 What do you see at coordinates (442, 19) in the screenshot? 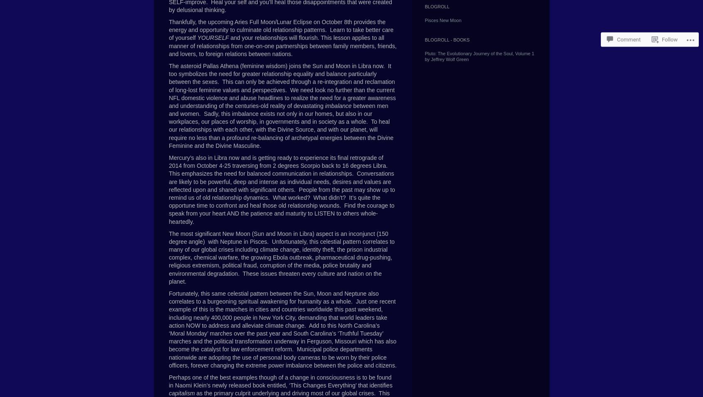
I see `'Pisces New Moon'` at bounding box center [442, 19].